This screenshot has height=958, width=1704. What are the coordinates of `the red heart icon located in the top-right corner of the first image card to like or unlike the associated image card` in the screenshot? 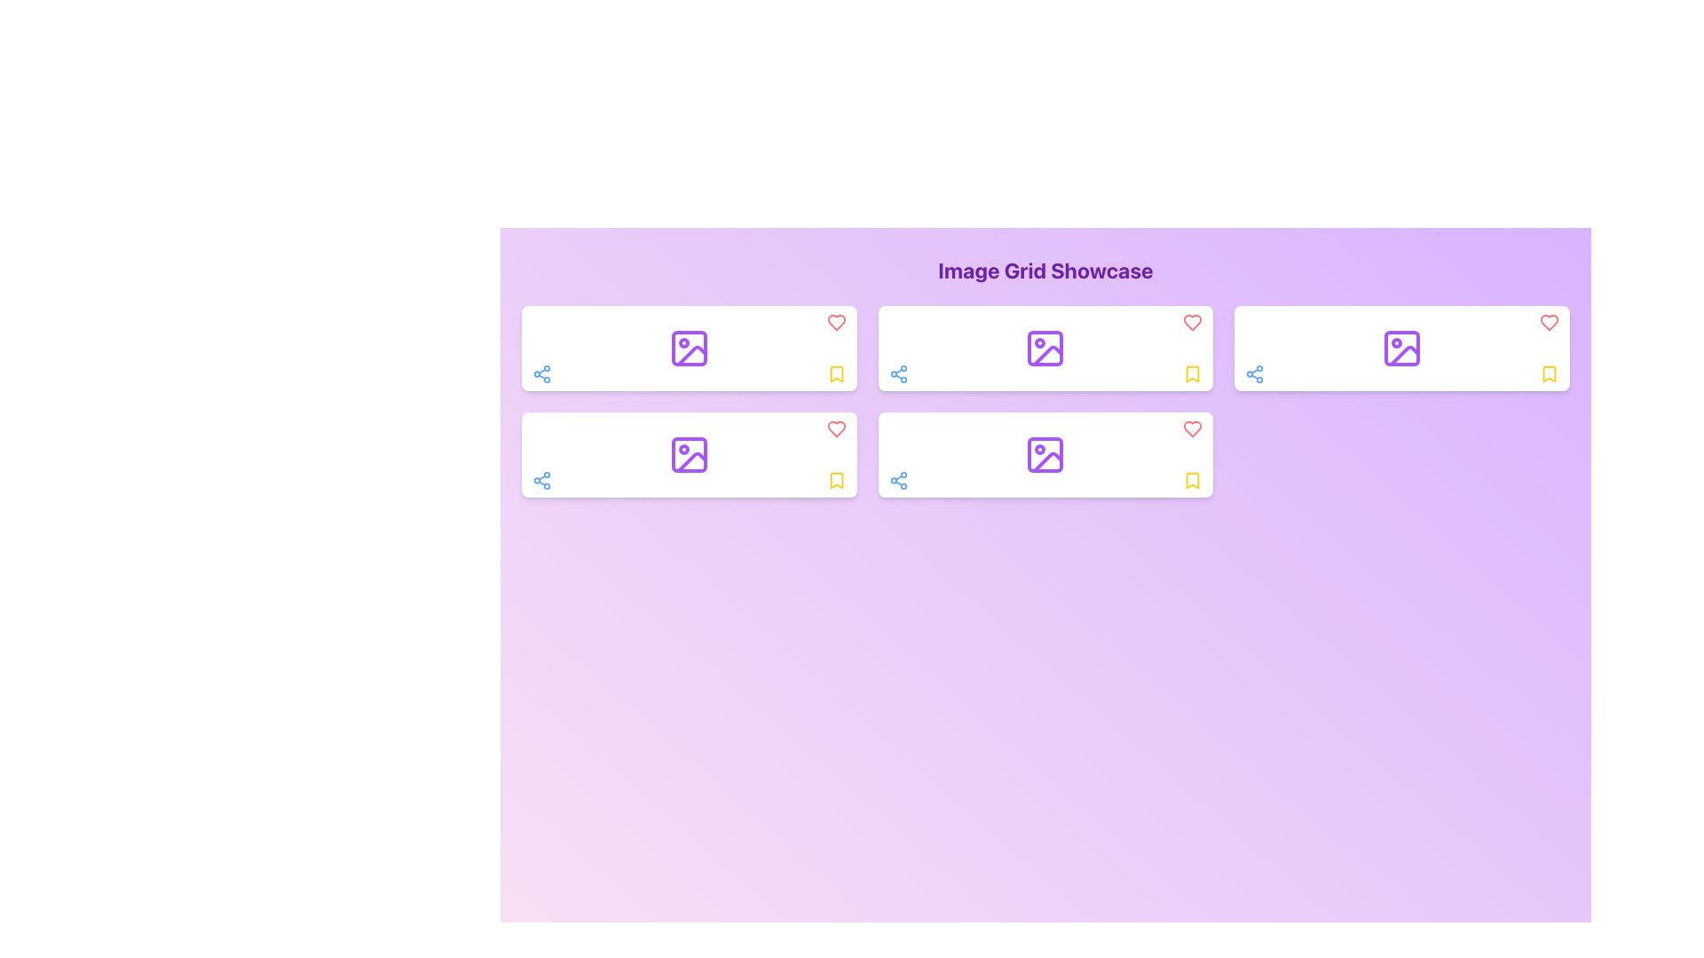 It's located at (835, 322).